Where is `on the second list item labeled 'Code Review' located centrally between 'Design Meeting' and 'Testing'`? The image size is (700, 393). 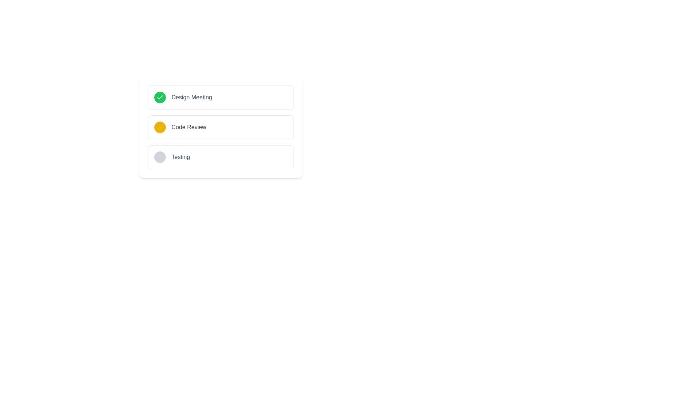 on the second list item labeled 'Code Review' located centrally between 'Design Meeting' and 'Testing' is located at coordinates (220, 127).